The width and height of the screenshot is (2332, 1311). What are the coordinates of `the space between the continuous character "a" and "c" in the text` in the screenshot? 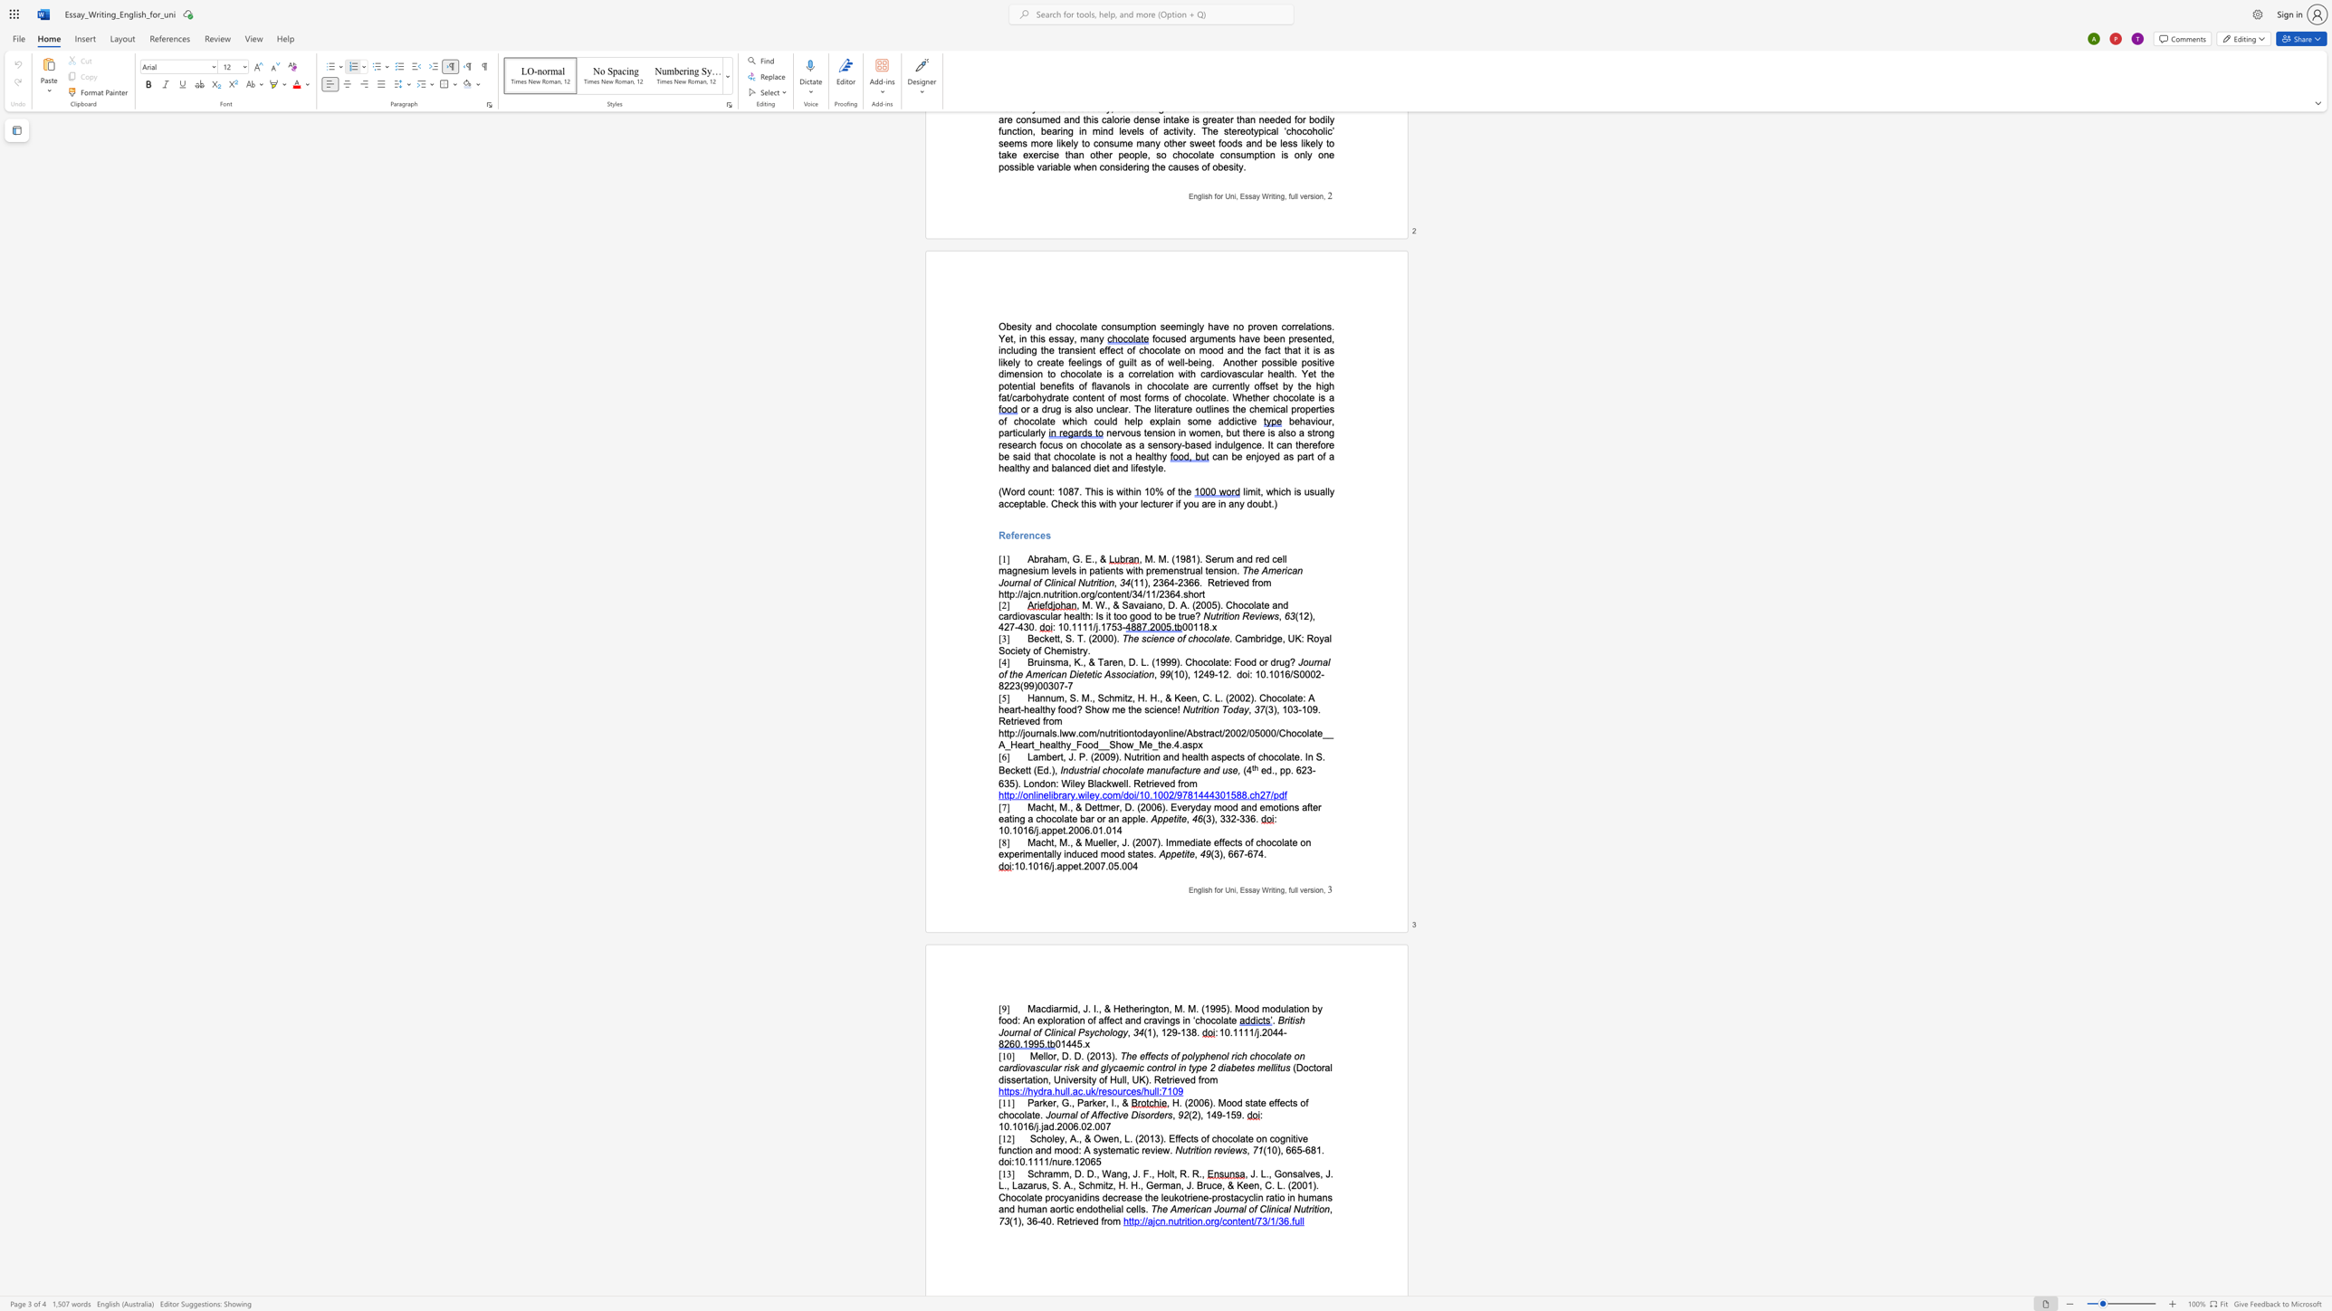 It's located at (1040, 841).